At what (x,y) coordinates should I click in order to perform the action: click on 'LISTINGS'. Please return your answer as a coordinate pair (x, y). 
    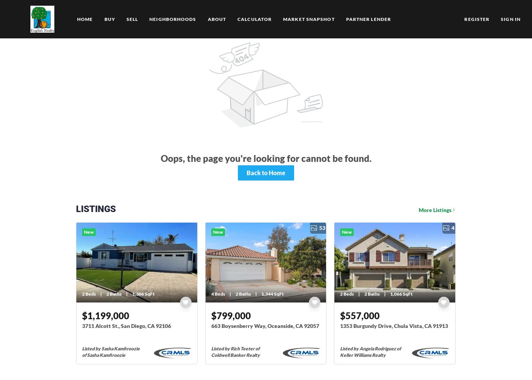
    Looking at the image, I should click on (76, 209).